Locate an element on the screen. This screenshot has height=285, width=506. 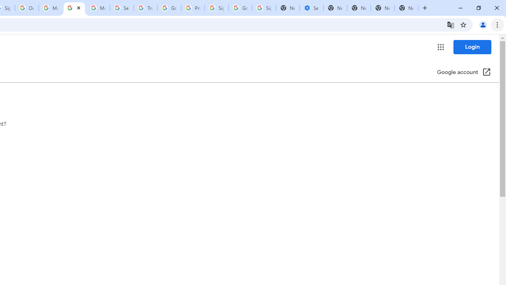
'Google Account (Opens in new window)' is located at coordinates (464, 72).